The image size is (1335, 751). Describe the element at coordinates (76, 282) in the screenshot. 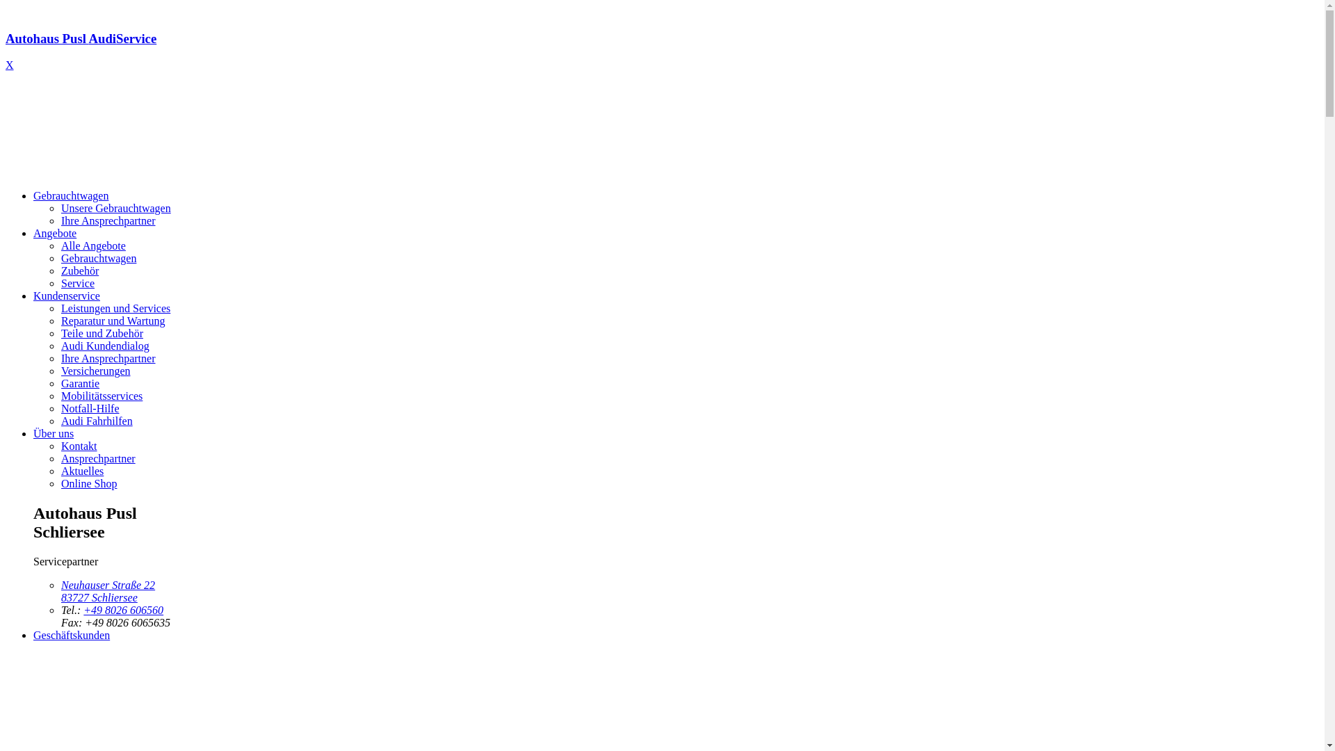

I see `'Service'` at that location.